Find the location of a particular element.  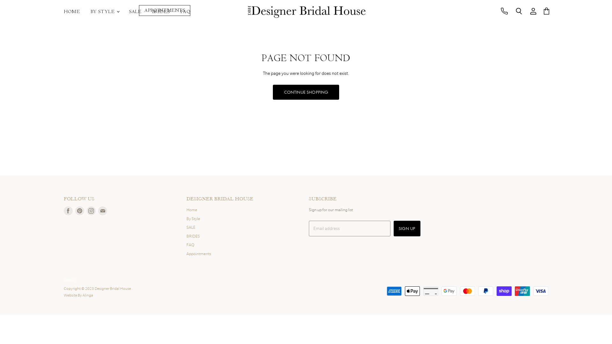

'HOME' is located at coordinates (72, 11).